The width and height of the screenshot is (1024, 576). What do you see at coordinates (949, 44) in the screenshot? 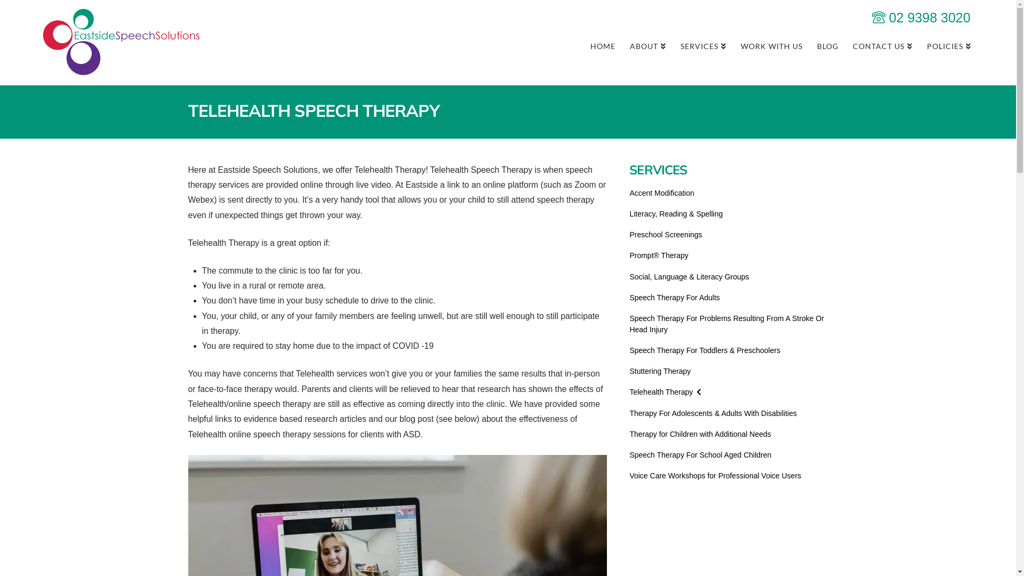
I see `'POLICIES'` at bounding box center [949, 44].